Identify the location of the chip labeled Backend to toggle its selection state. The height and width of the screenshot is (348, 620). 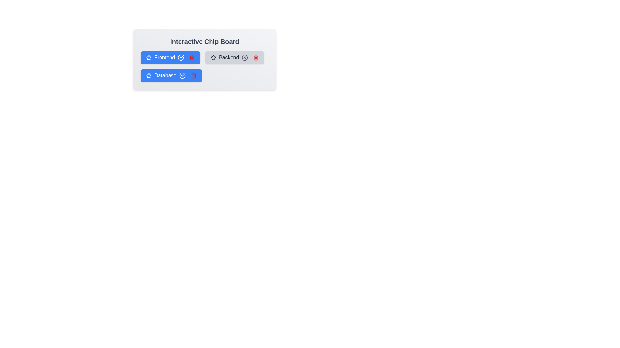
(234, 57).